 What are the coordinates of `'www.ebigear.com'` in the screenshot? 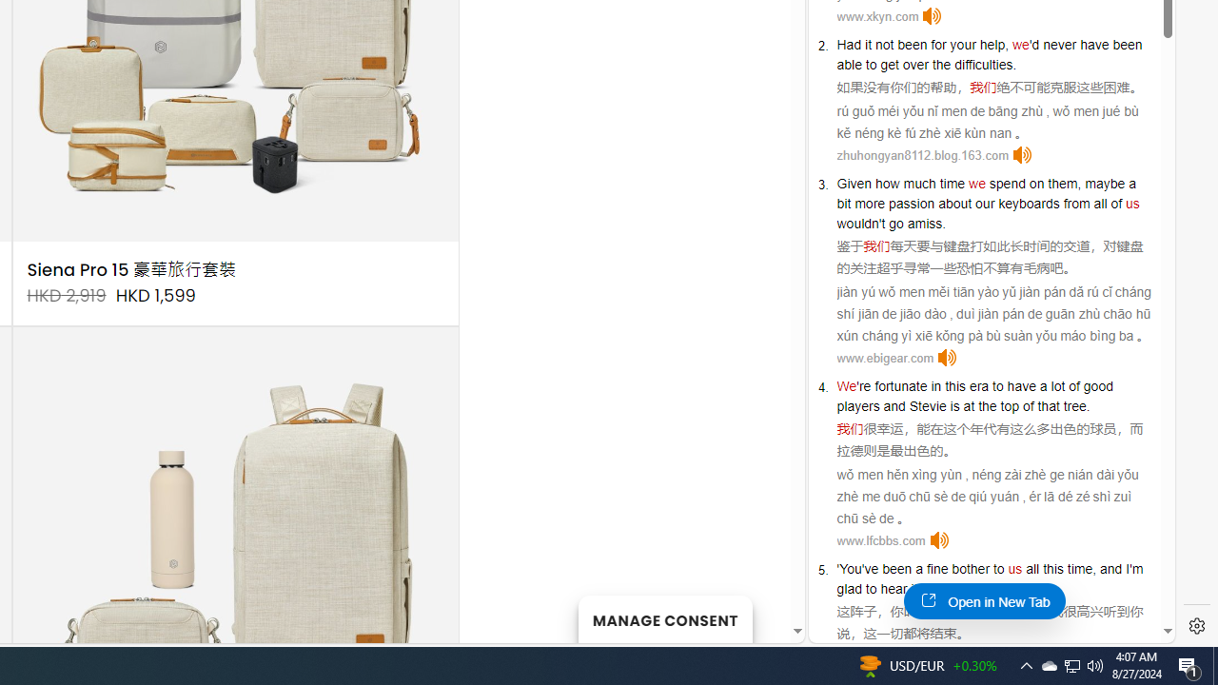 It's located at (884, 358).